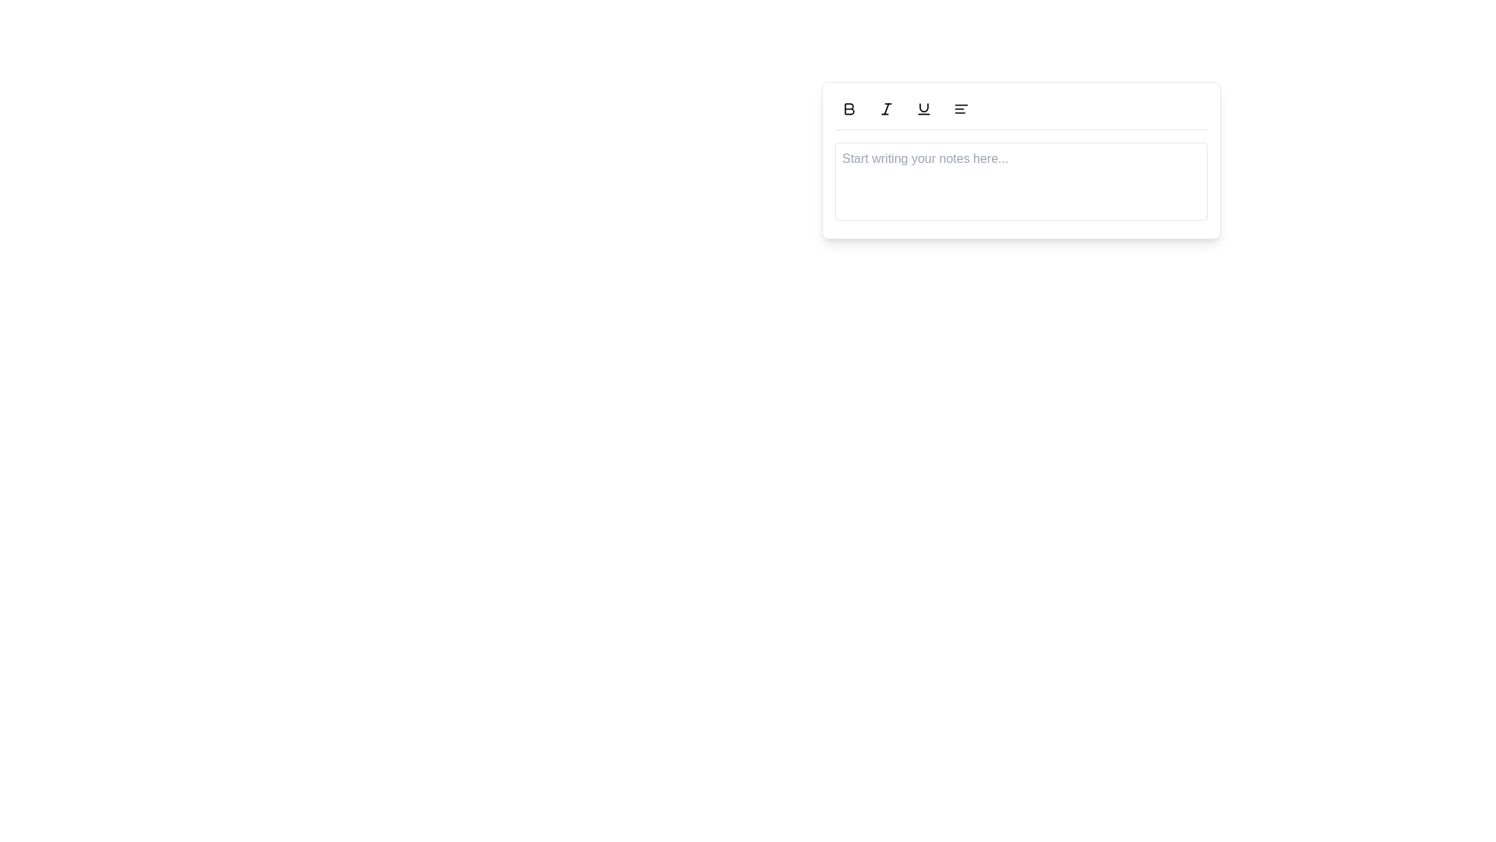 This screenshot has width=1496, height=842. I want to click on the bold formatting button located in the top-left of the toolbar by, so click(848, 108).